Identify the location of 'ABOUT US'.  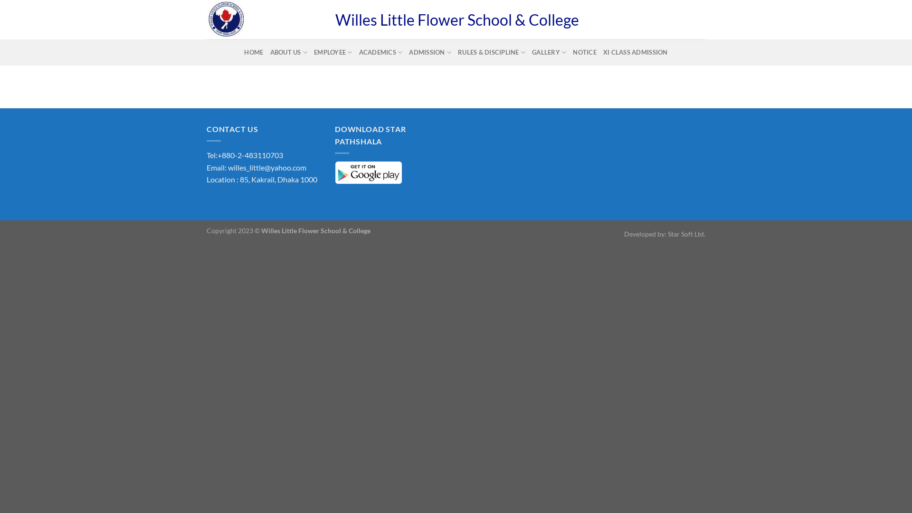
(288, 52).